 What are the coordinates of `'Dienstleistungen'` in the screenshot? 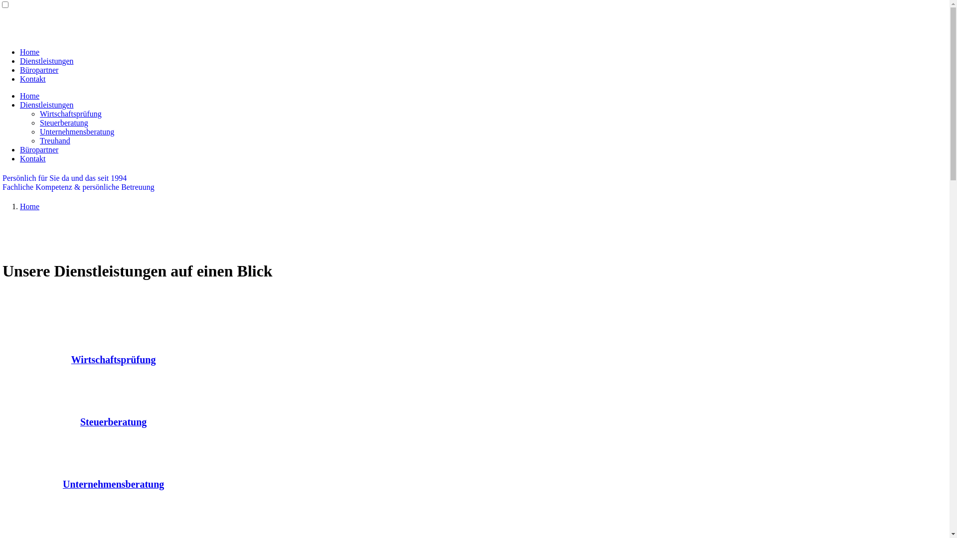 It's located at (46, 61).